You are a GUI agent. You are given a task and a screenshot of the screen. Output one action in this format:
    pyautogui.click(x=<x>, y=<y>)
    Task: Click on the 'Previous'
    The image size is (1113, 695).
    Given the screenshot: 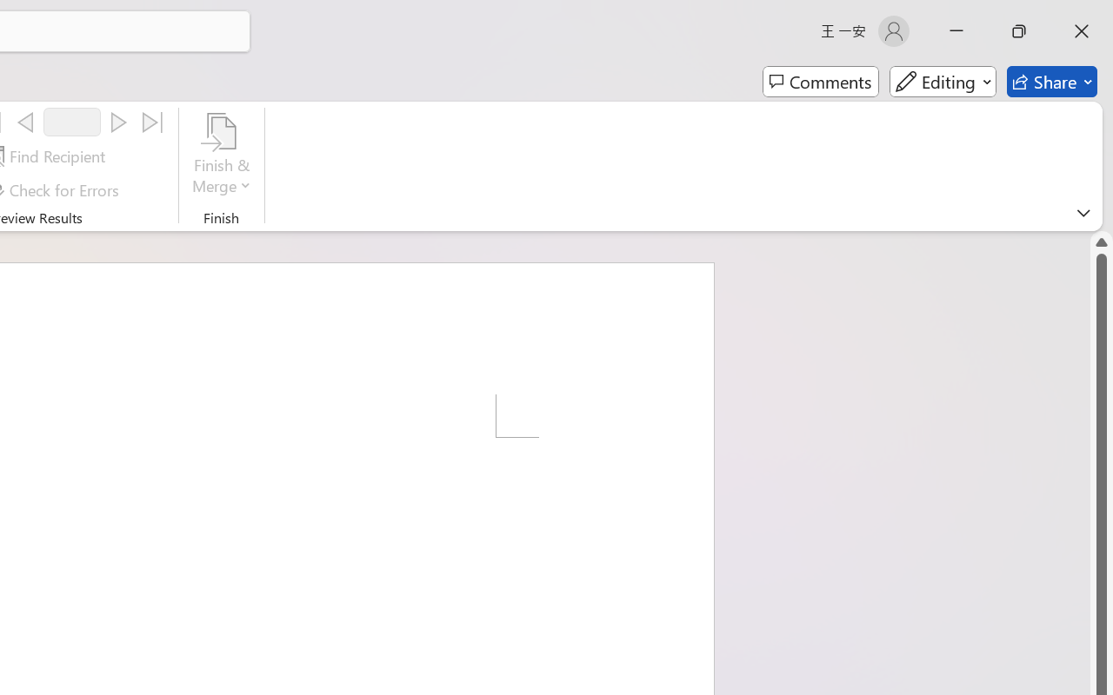 What is the action you would take?
    pyautogui.click(x=25, y=122)
    